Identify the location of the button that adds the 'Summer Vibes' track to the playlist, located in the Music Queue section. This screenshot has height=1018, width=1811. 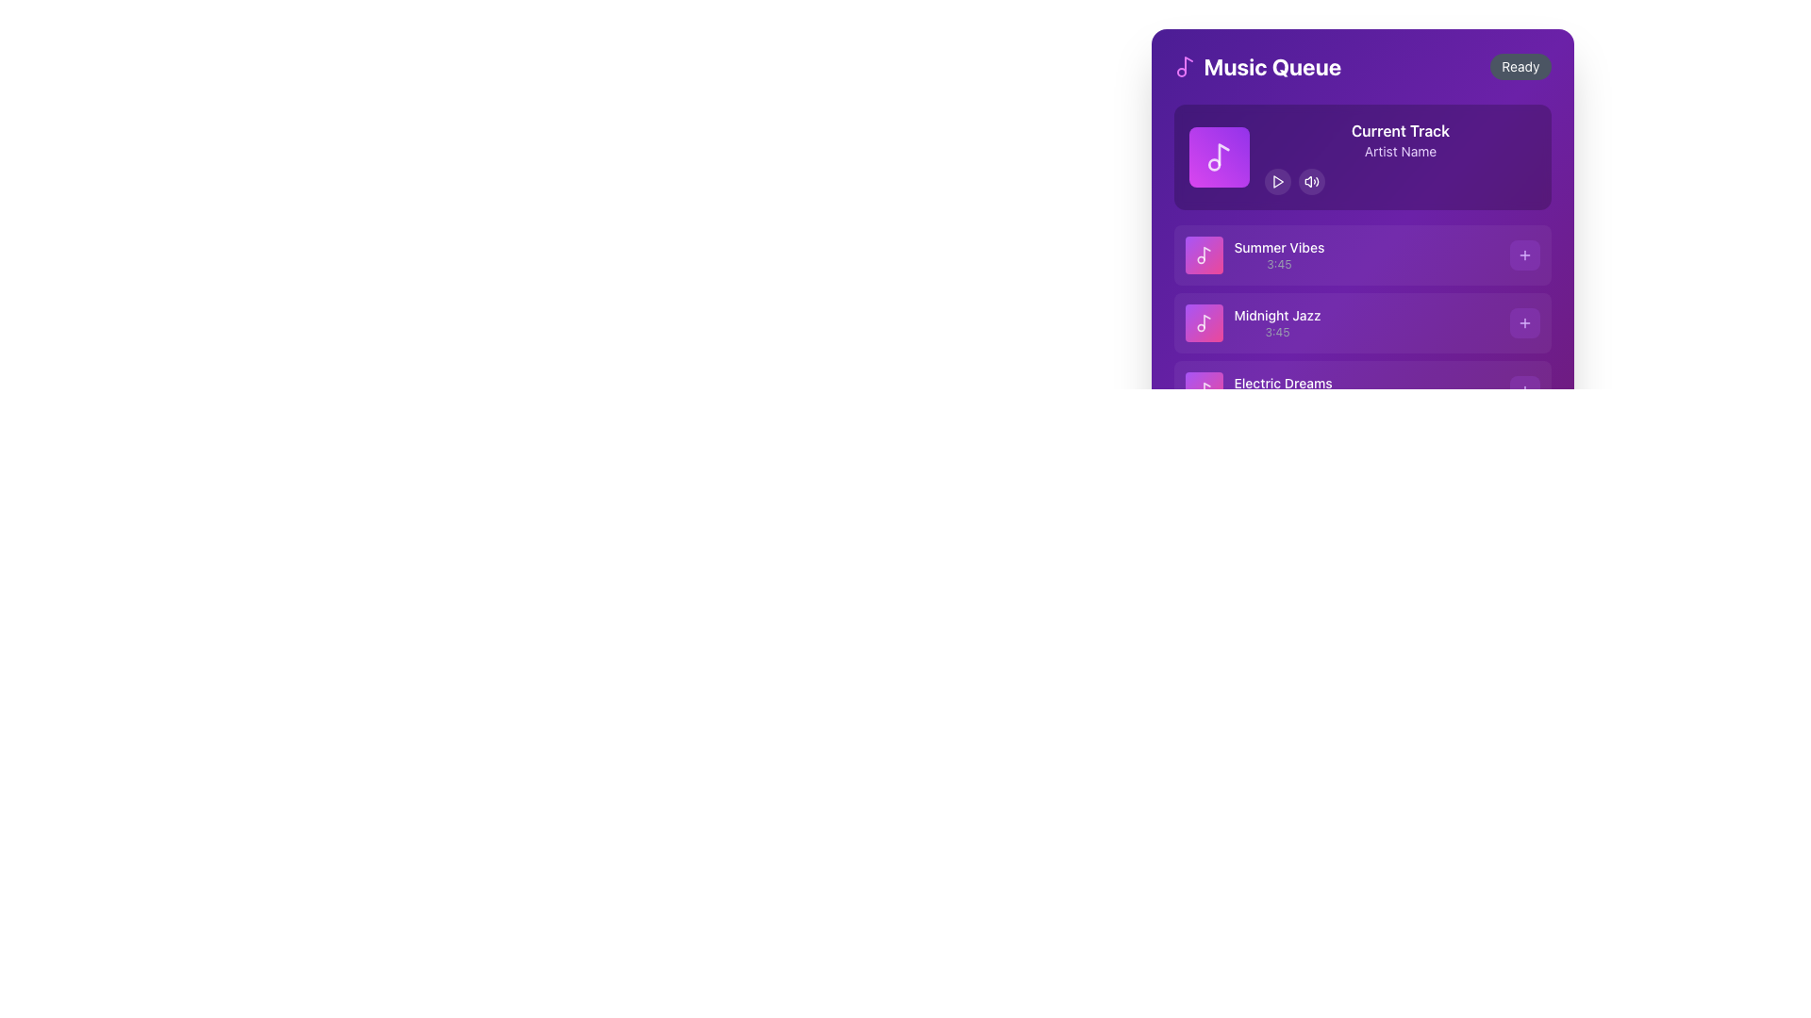
(1524, 254).